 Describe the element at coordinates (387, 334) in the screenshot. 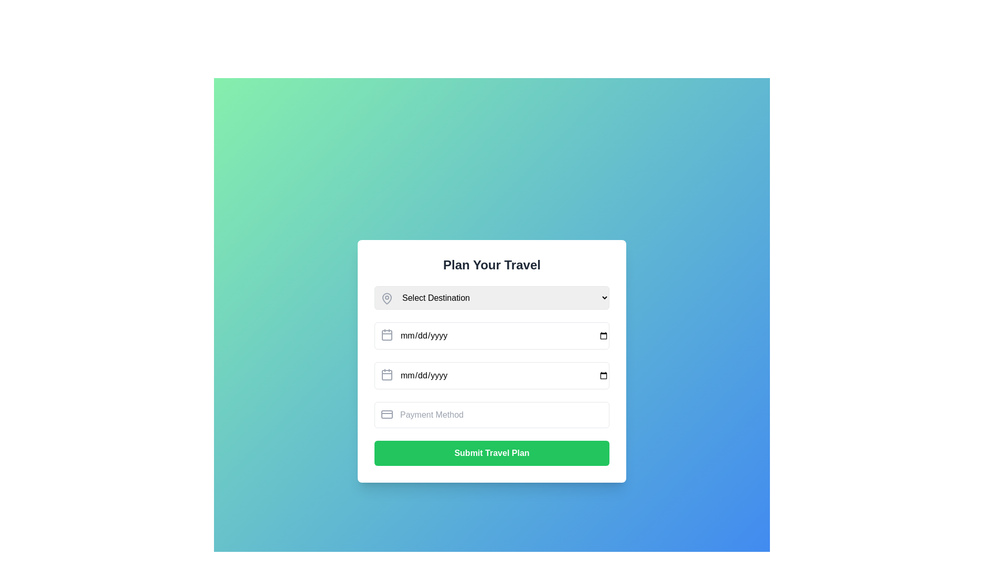

I see `the date picker icon located to the left of the 'mm/dd/yyyy' input field in the second row of the form` at that location.